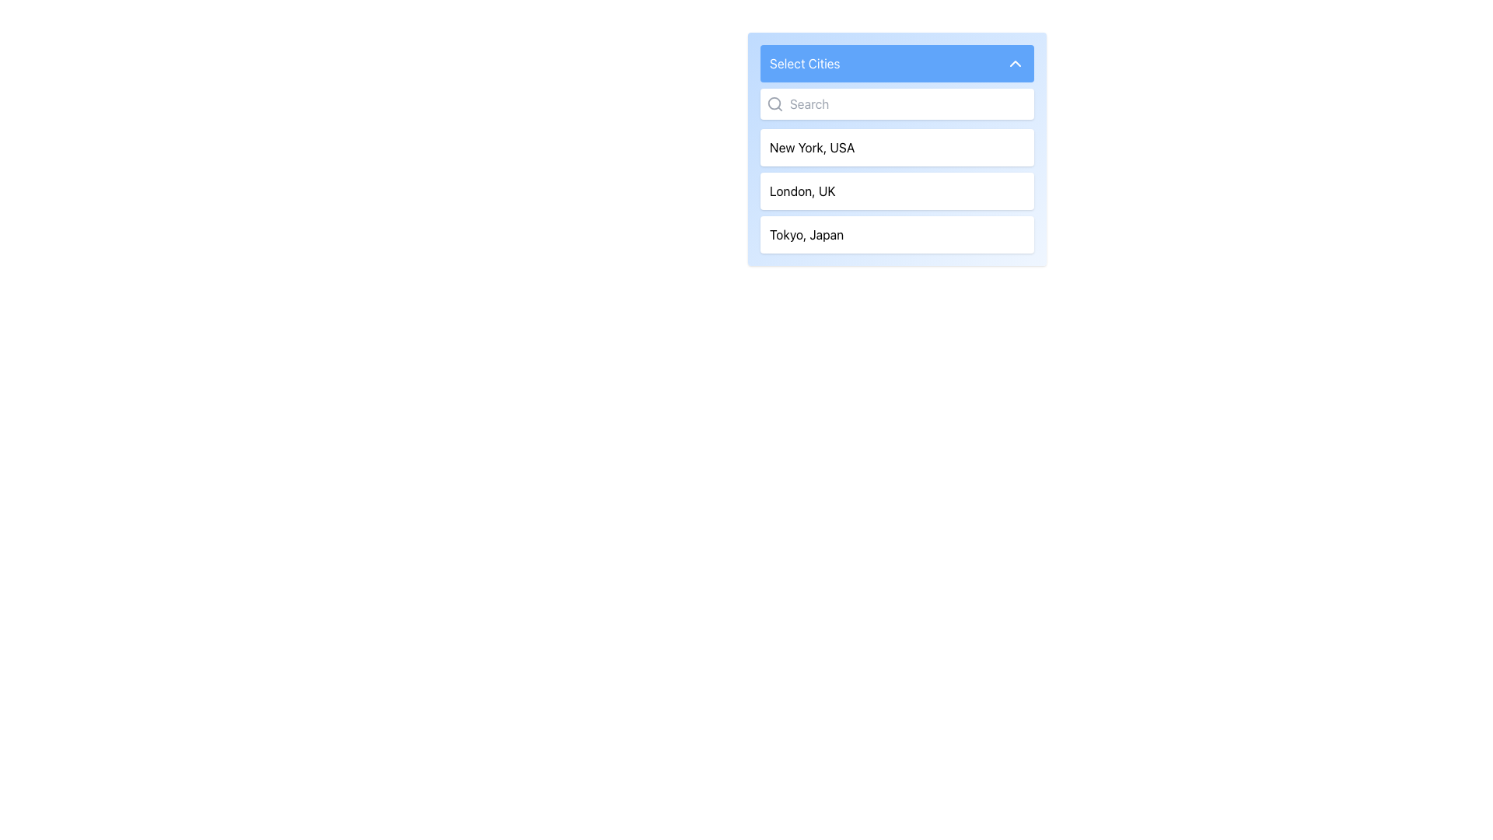  I want to click on the 'New York, USA' text label in the dropdown menu, so click(811, 147).